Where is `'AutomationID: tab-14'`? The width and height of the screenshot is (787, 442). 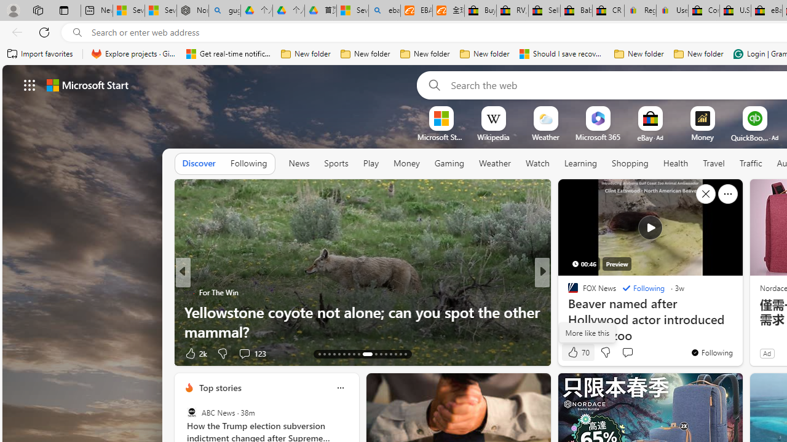 'AutomationID: tab-14' is located at coordinates (325, 354).